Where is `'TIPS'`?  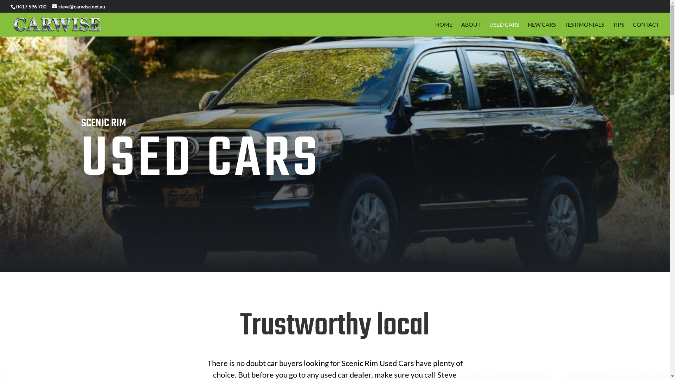 'TIPS' is located at coordinates (618, 29).